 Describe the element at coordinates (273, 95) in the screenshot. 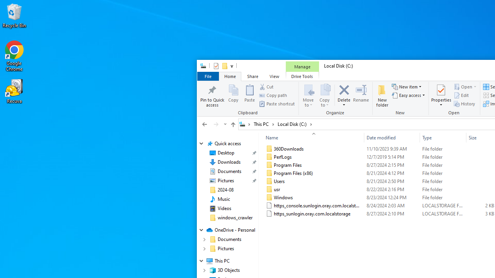

I see `'Copy path'` at that location.